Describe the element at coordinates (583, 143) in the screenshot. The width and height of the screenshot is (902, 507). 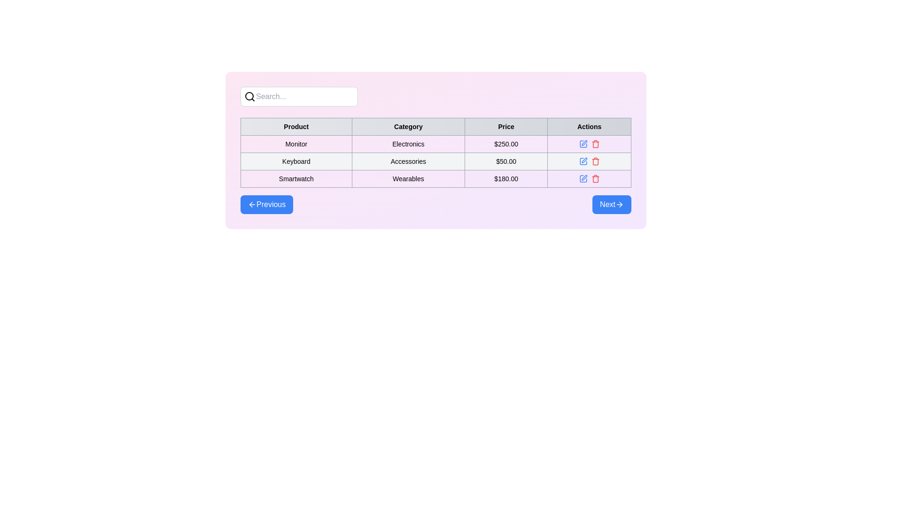
I see `the edit icon button located in the first row of the 'Actions' column of the table, next to the trash bin icon` at that location.